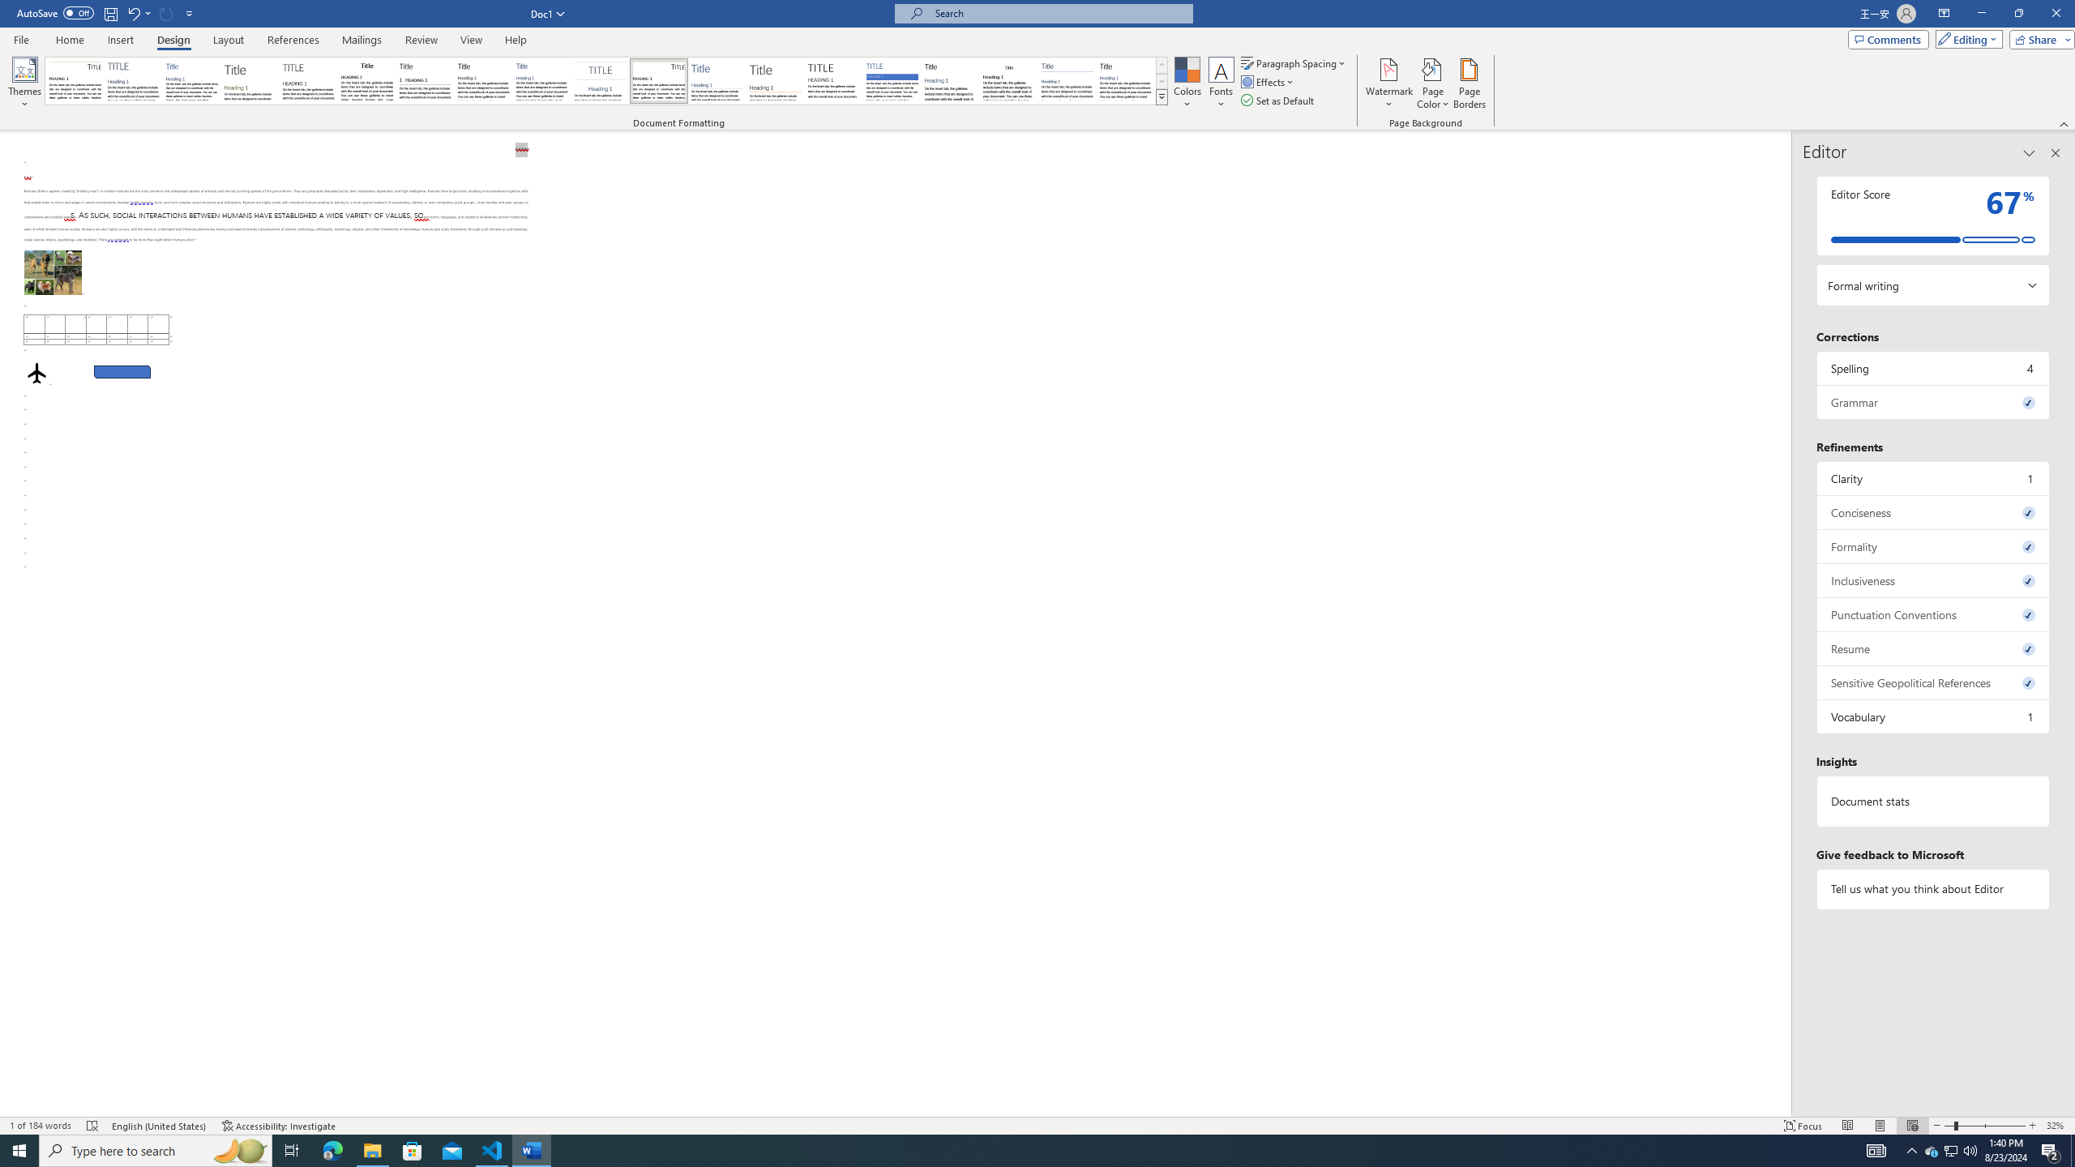  Describe the element at coordinates (1932, 477) in the screenshot. I see `'Clarity, 1 issue. Press space or enter to review items.'` at that location.